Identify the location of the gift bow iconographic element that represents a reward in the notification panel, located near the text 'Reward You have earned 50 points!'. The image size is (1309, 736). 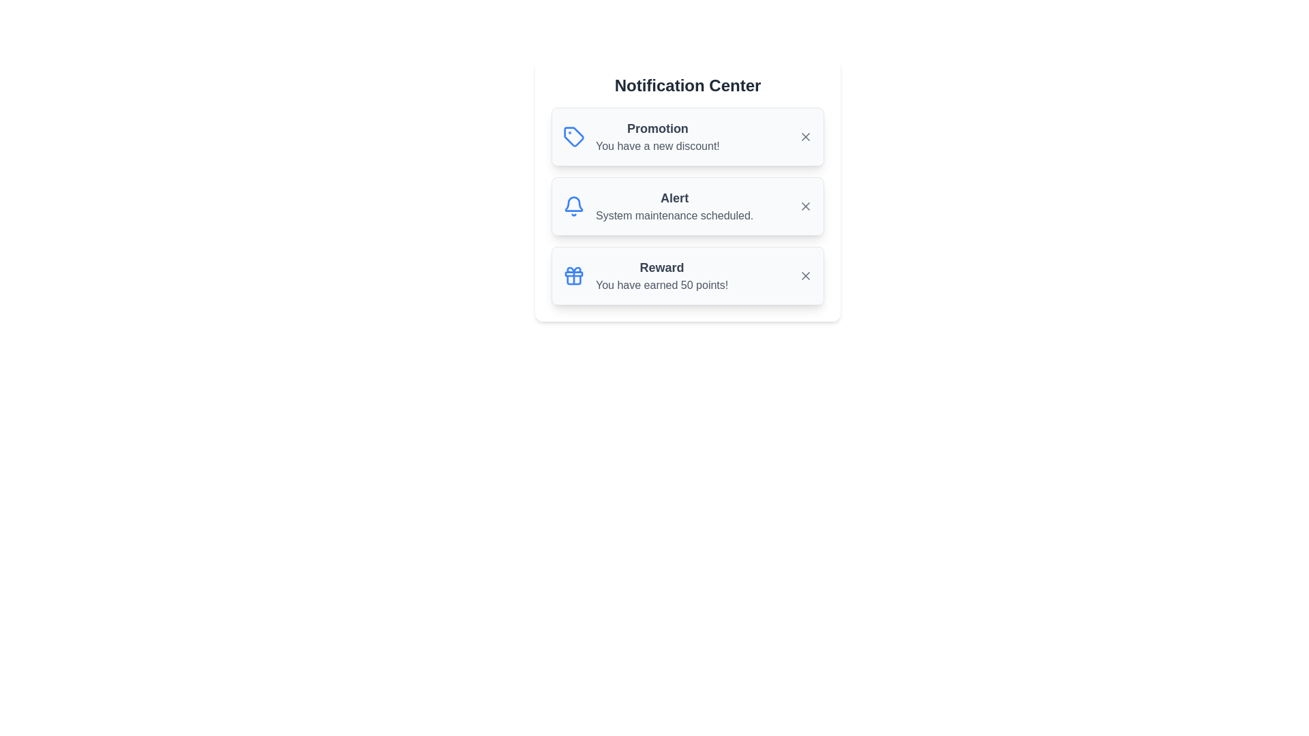
(573, 270).